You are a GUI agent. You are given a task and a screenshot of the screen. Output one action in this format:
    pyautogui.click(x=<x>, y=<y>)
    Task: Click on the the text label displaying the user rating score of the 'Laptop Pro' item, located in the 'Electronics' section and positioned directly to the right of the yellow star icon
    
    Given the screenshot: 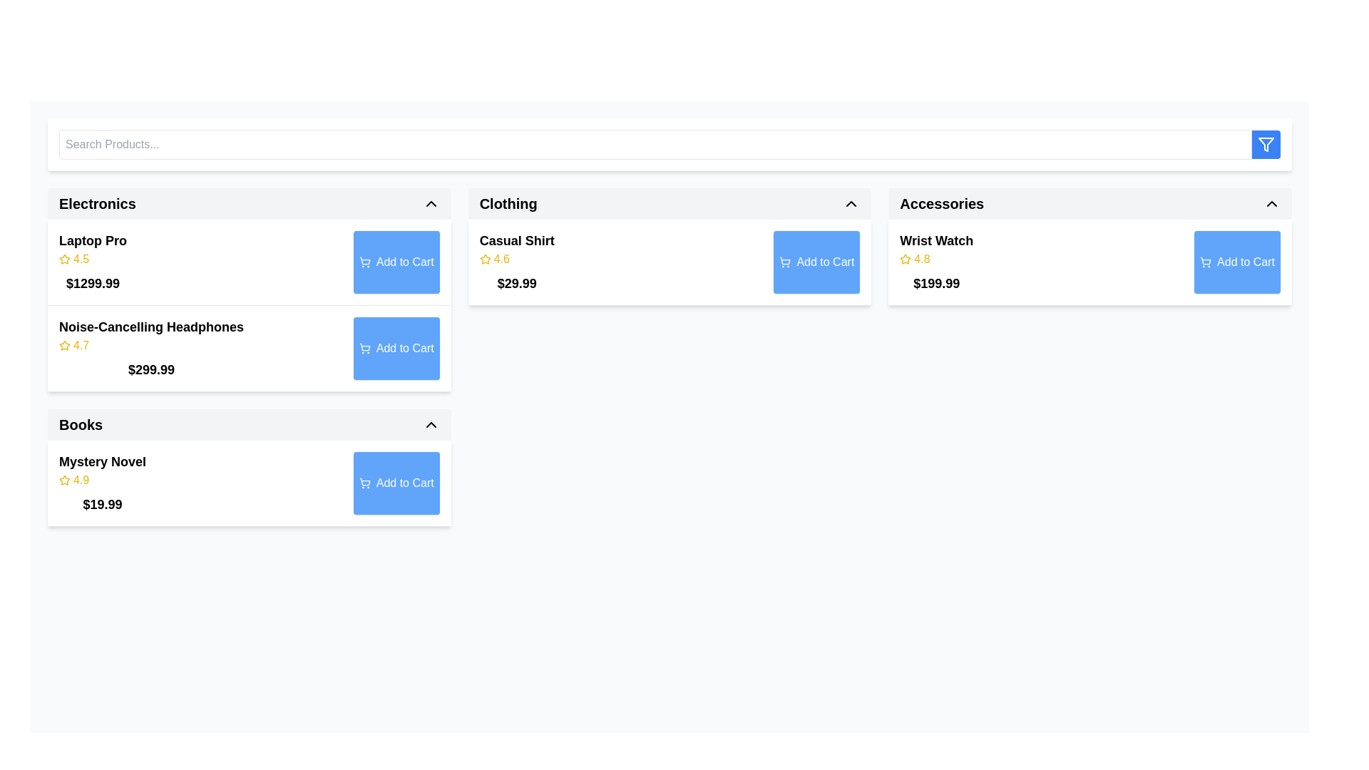 What is the action you would take?
    pyautogui.click(x=81, y=259)
    